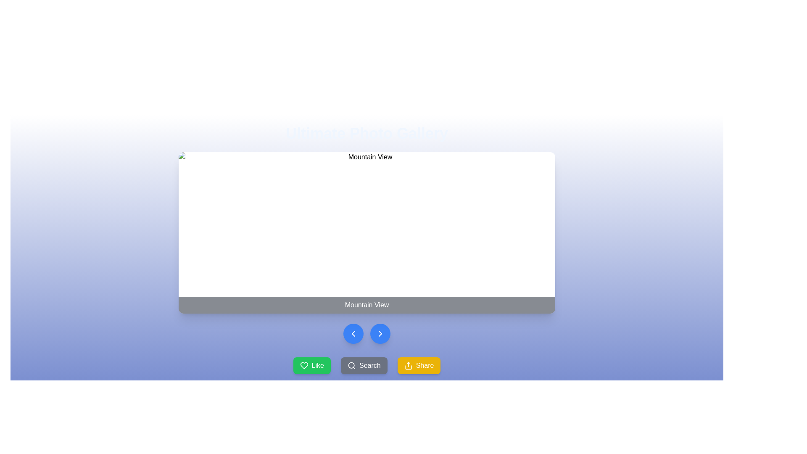 Image resolution: width=807 pixels, height=454 pixels. Describe the element at coordinates (408, 365) in the screenshot. I see `the Share button that contains the share icon, which is located on the far right among three buttons at the bottom of the interface` at that location.